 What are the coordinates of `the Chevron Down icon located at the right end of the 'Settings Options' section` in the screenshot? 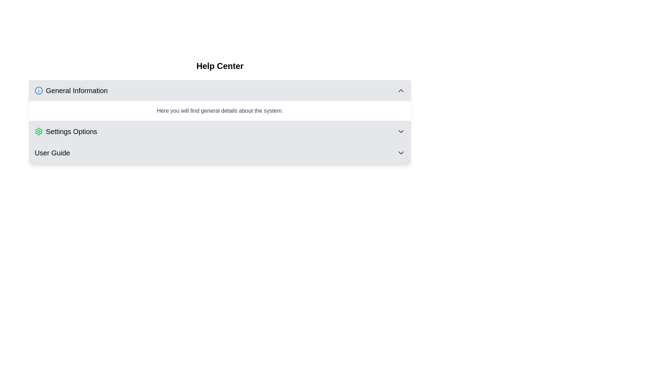 It's located at (401, 131).